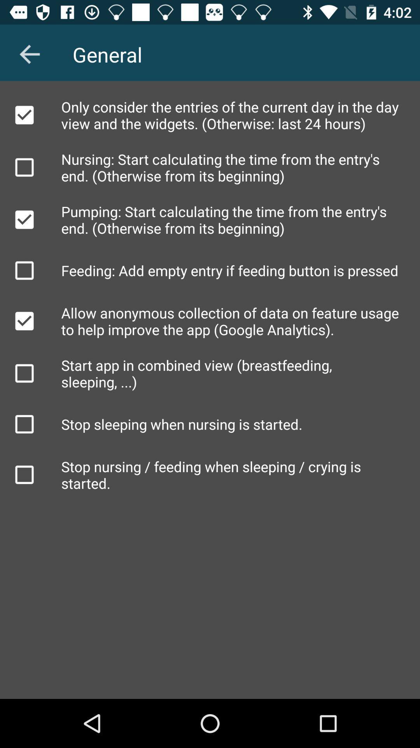  I want to click on switch nursing option, so click(24, 167).